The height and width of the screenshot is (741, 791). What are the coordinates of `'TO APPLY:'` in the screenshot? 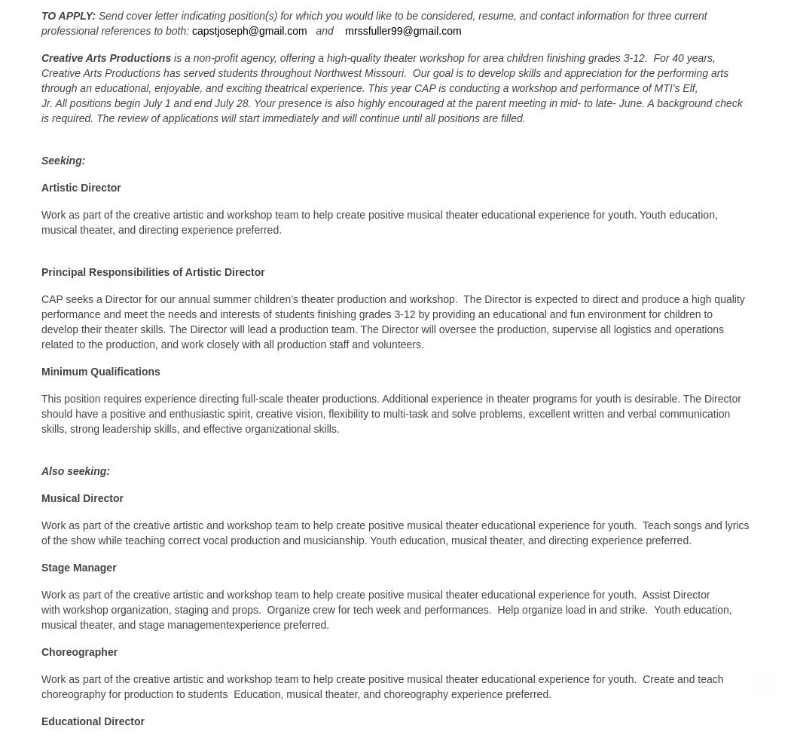 It's located at (41, 15).